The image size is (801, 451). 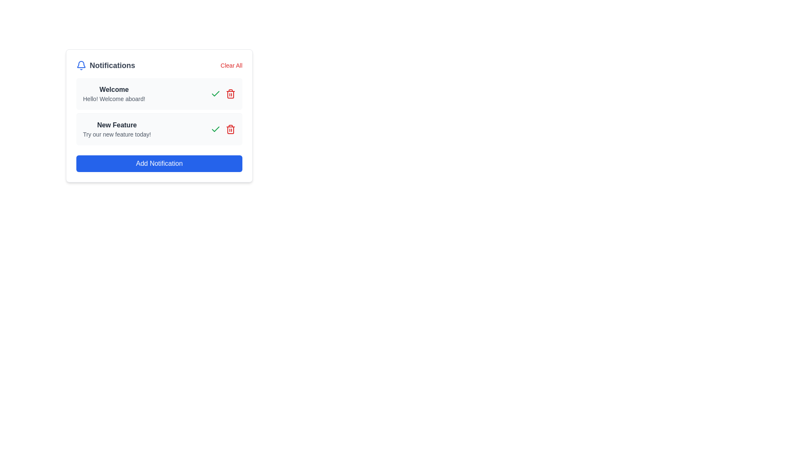 I want to click on the text label element displaying 'New Feature', which is styled with bold dark gray text and is positioned prominently in the notification message, so click(x=116, y=125).